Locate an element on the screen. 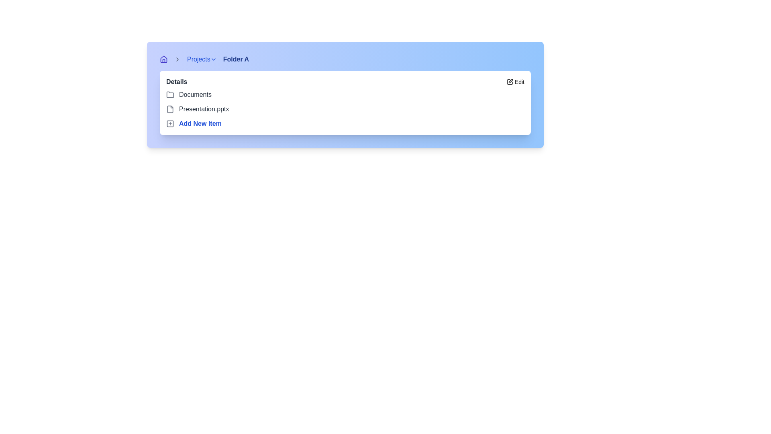 This screenshot has height=434, width=771. the indigo house icon located at the top-left corner of the interface, preceding the text 'Projects' is located at coordinates (163, 59).